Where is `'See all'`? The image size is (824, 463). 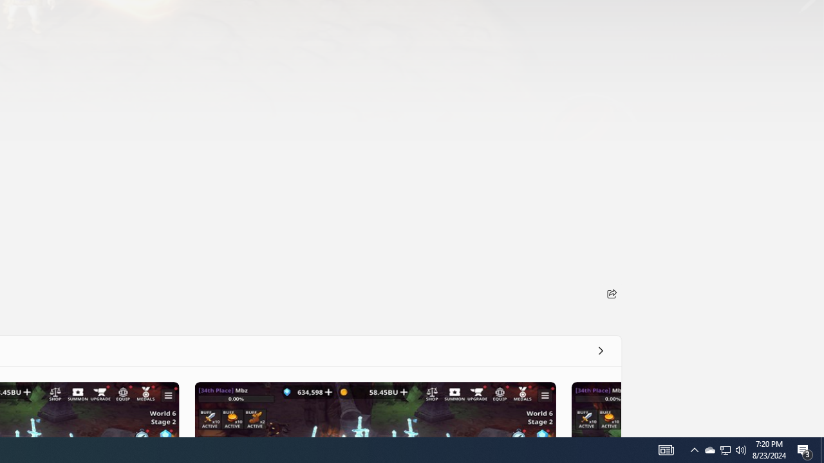
'See all' is located at coordinates (599, 350).